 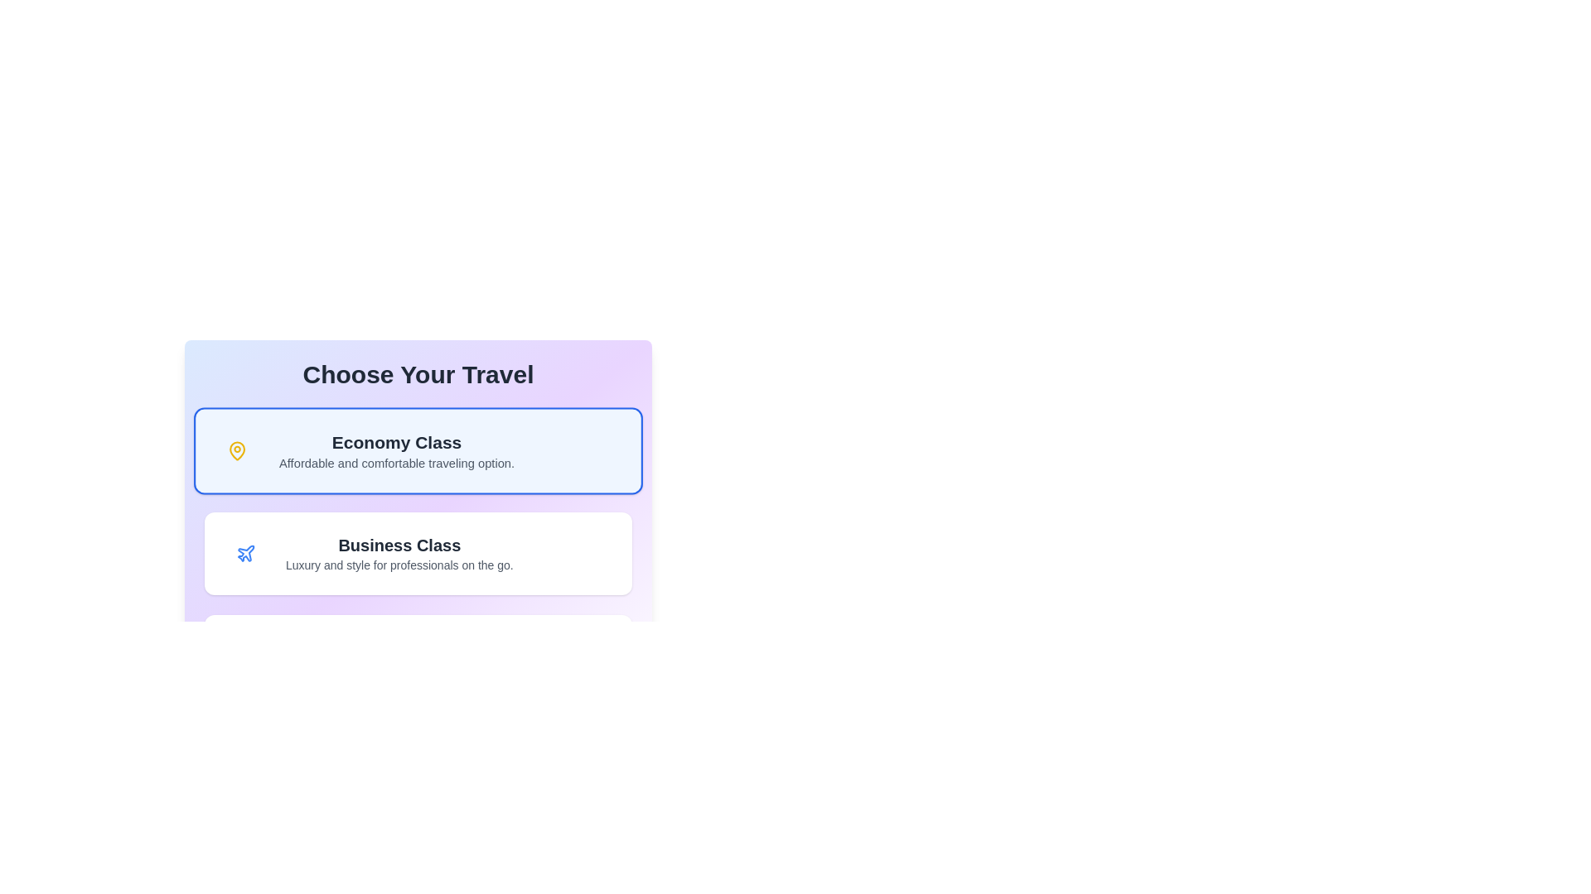 I want to click on the static information display featuring the 'Business Class' title and subtitle, which is positioned below the 'Economy Class' section, so click(x=399, y=553).